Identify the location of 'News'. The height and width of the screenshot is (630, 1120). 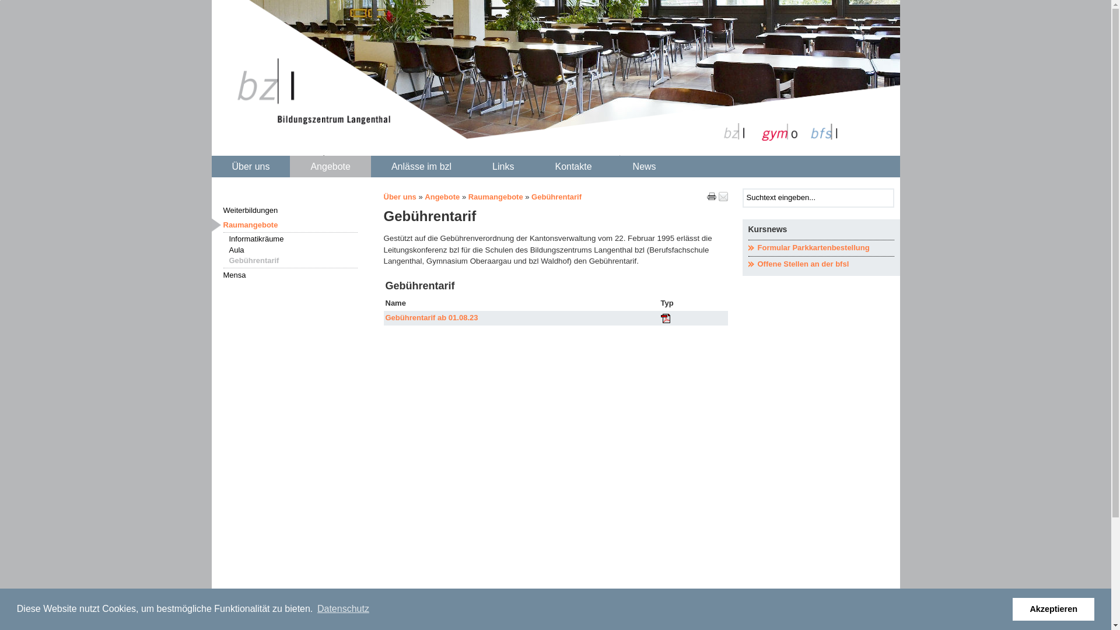
(643, 167).